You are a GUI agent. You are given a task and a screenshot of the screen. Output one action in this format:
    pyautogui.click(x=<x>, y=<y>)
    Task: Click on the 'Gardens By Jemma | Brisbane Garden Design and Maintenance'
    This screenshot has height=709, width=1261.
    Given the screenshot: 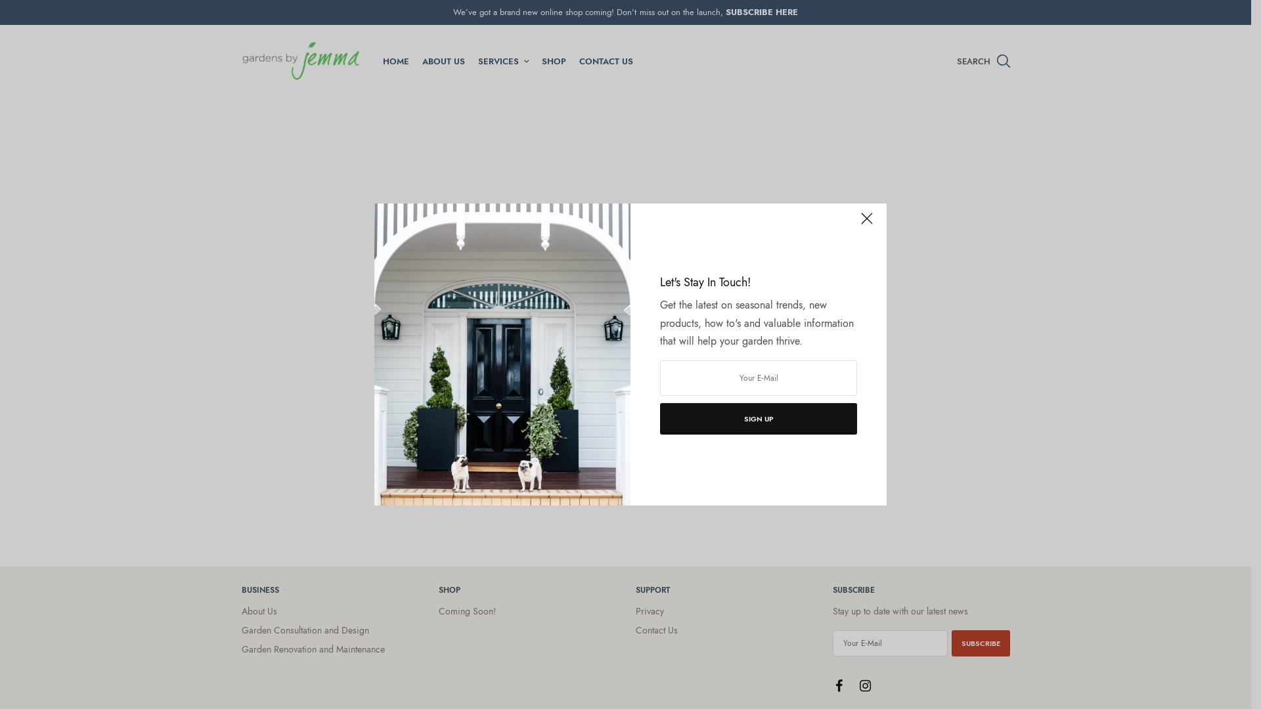 What is the action you would take?
    pyautogui.click(x=299, y=60)
    